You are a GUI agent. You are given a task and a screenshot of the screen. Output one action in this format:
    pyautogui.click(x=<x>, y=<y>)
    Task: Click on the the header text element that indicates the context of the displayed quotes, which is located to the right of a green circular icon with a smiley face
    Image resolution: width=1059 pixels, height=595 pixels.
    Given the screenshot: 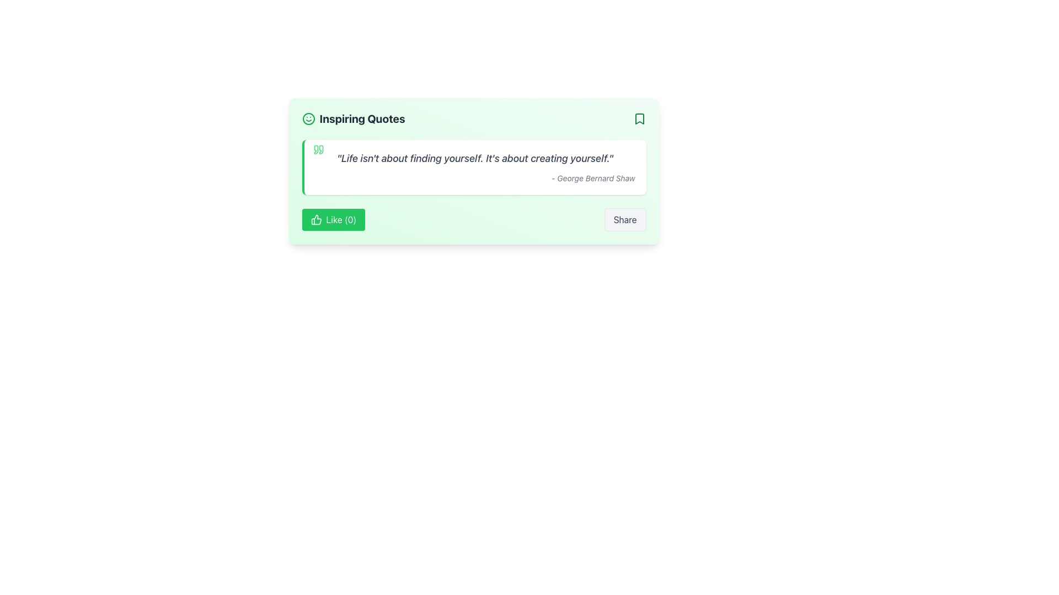 What is the action you would take?
    pyautogui.click(x=362, y=119)
    